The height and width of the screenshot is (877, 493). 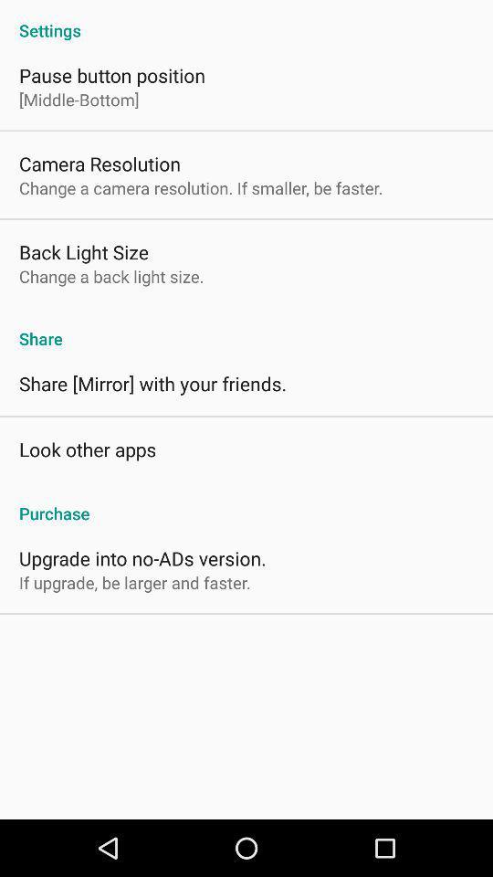 I want to click on app below the look other apps, so click(x=246, y=503).